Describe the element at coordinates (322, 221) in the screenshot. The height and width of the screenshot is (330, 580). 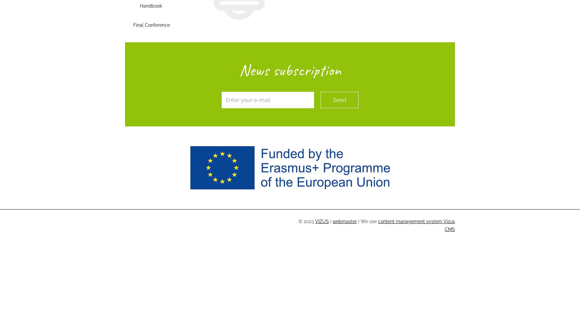
I see `'VIZUS'` at that location.